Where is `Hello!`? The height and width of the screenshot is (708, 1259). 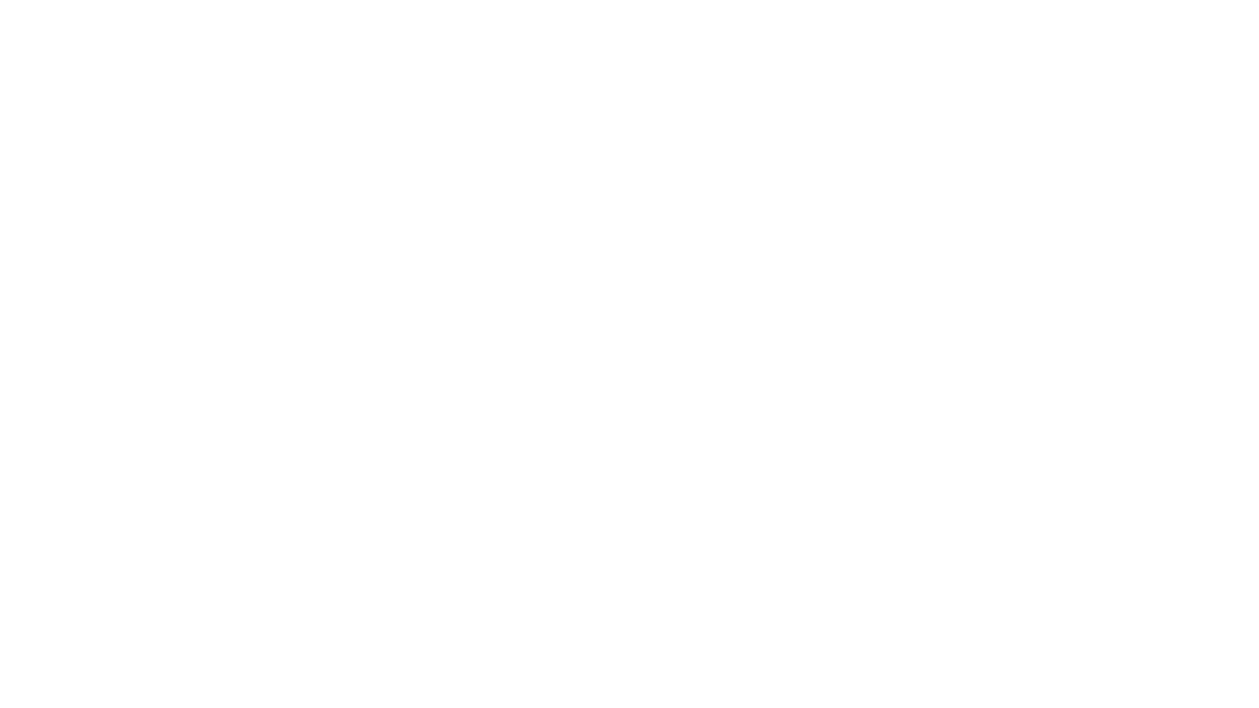
Hello! is located at coordinates (165, 14).